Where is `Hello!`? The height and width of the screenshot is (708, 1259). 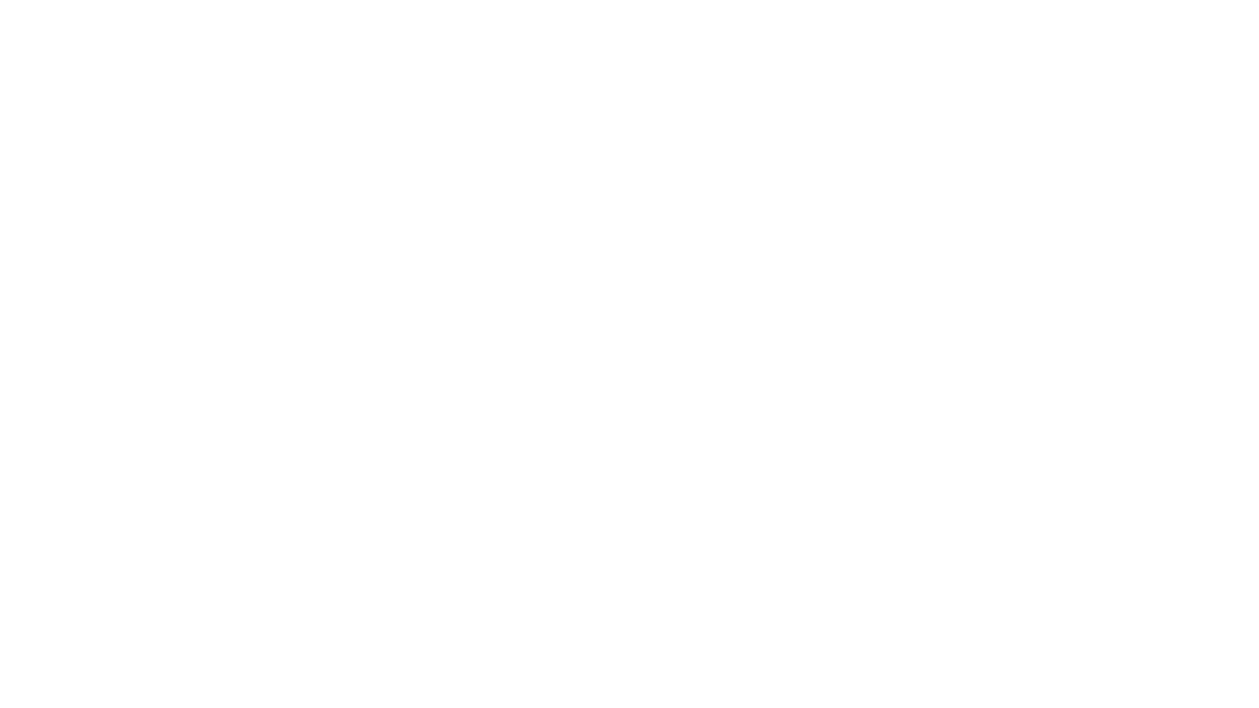
Hello! is located at coordinates (165, 14).